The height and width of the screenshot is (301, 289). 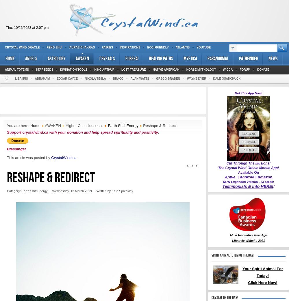 I want to click on 'Search - Categories', so click(x=23, y=7).